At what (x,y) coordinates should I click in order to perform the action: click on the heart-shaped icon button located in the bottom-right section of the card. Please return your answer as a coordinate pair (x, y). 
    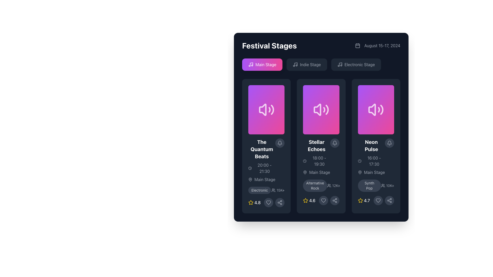
    Looking at the image, I should click on (268, 202).